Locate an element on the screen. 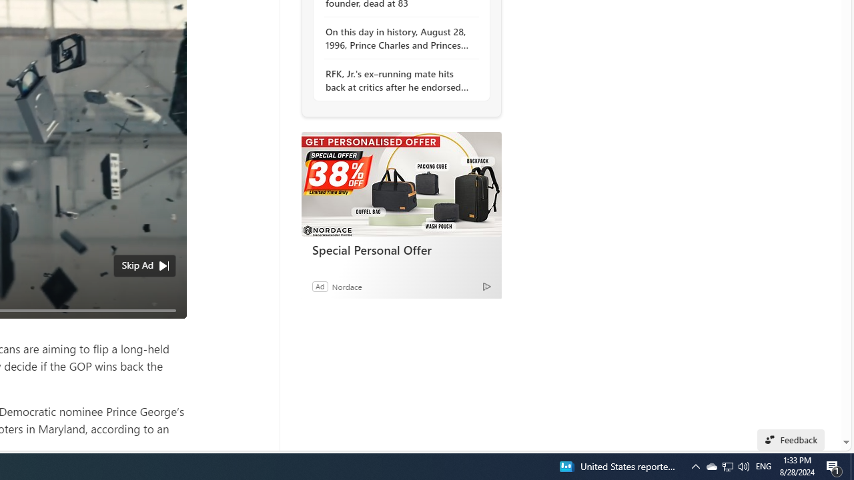 This screenshot has width=854, height=480. 'Skip Ad' is located at coordinates (137, 265).